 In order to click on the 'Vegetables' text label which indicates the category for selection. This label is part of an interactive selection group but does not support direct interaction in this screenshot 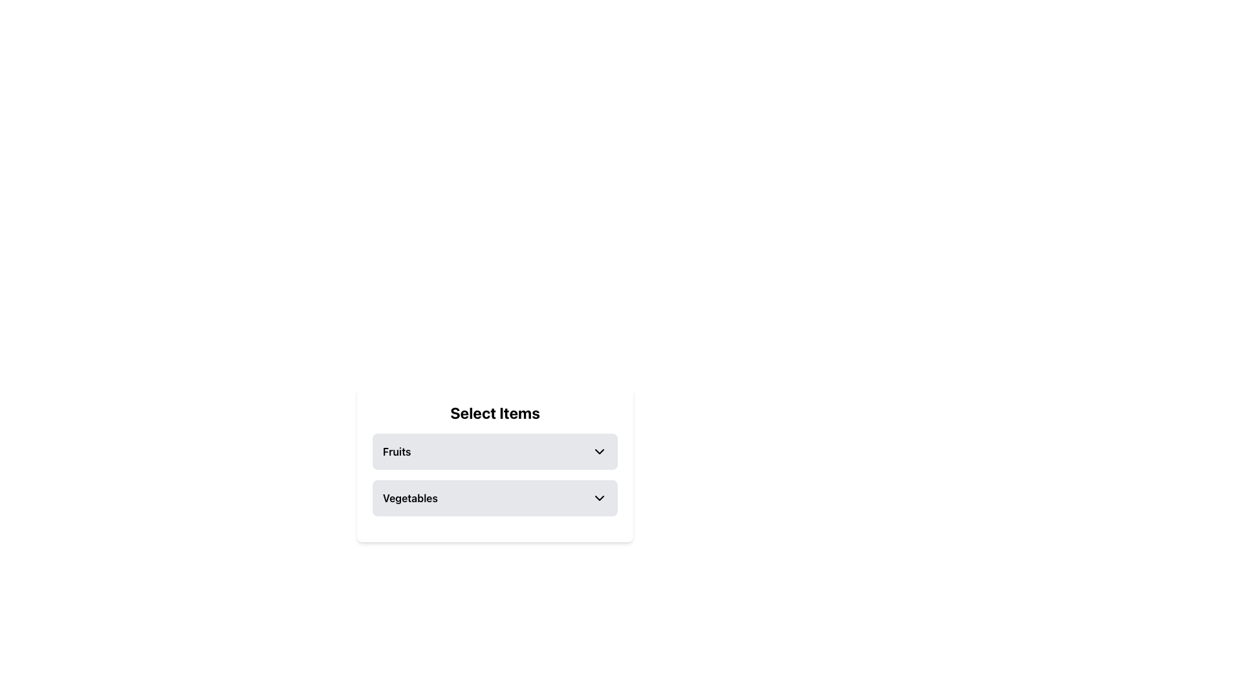, I will do `click(409, 498)`.